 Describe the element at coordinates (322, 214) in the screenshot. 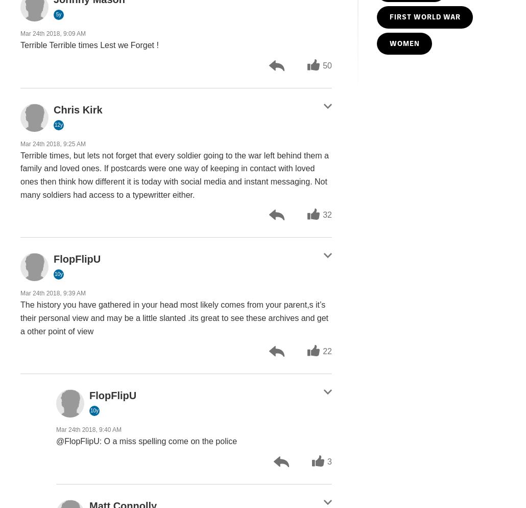

I see `'32'` at that location.